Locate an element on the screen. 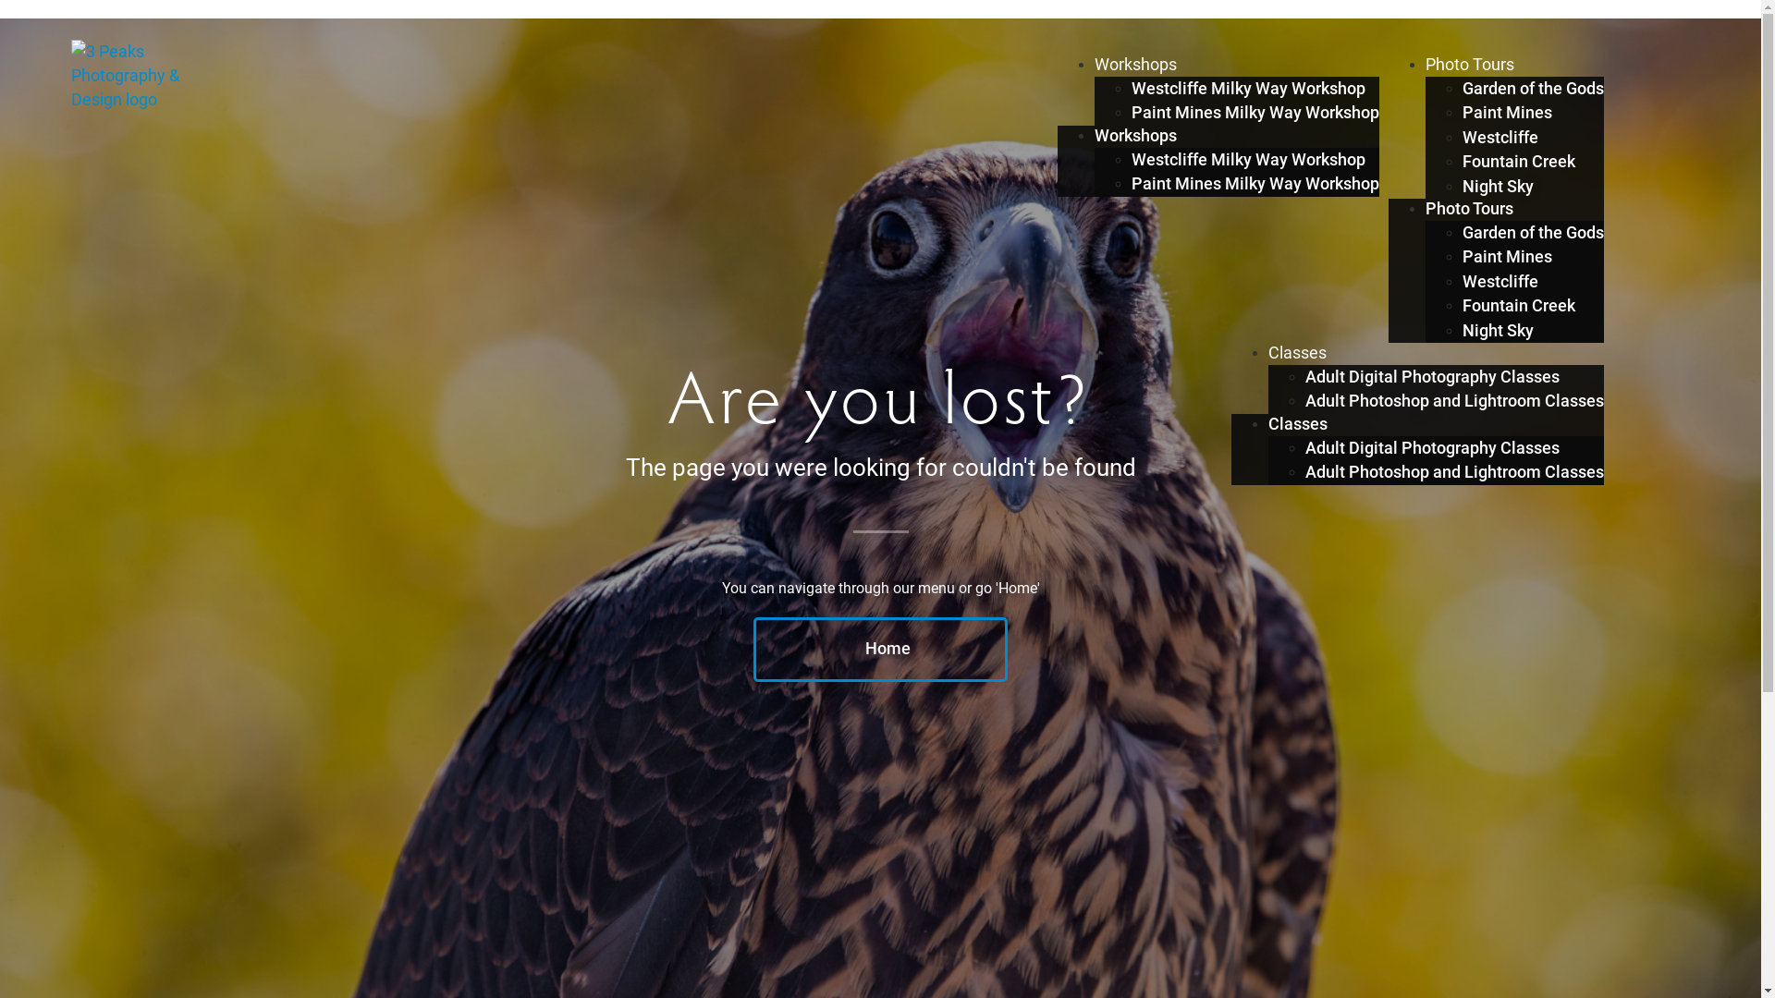  'Adult Photoshop and Lightroom Classes' is located at coordinates (1453, 400).